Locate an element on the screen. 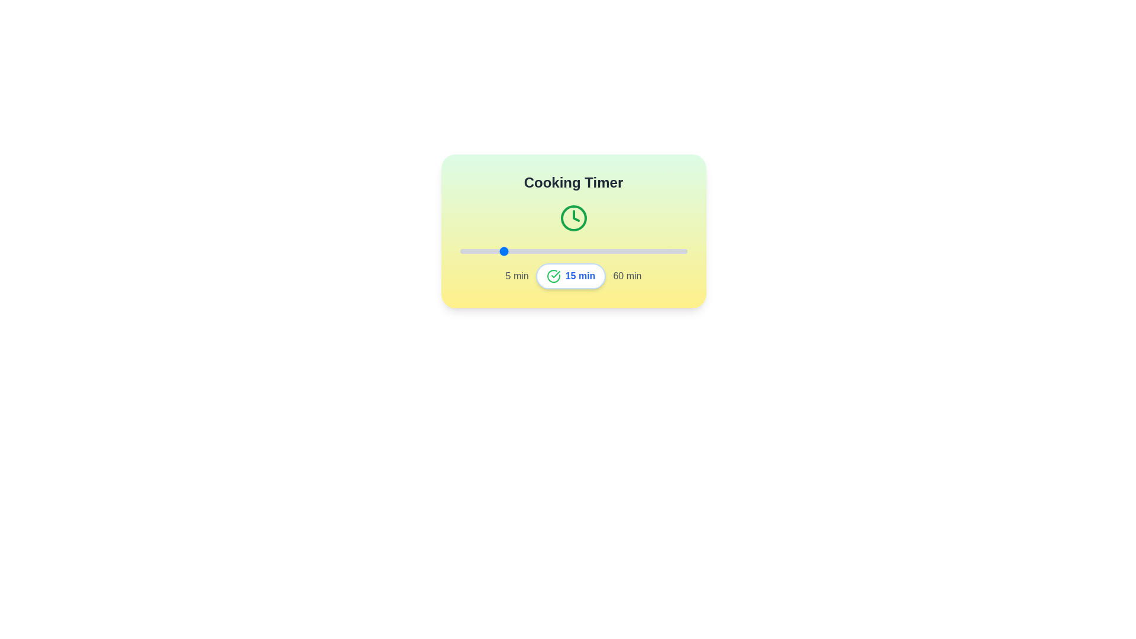  slider is located at coordinates (530, 250).